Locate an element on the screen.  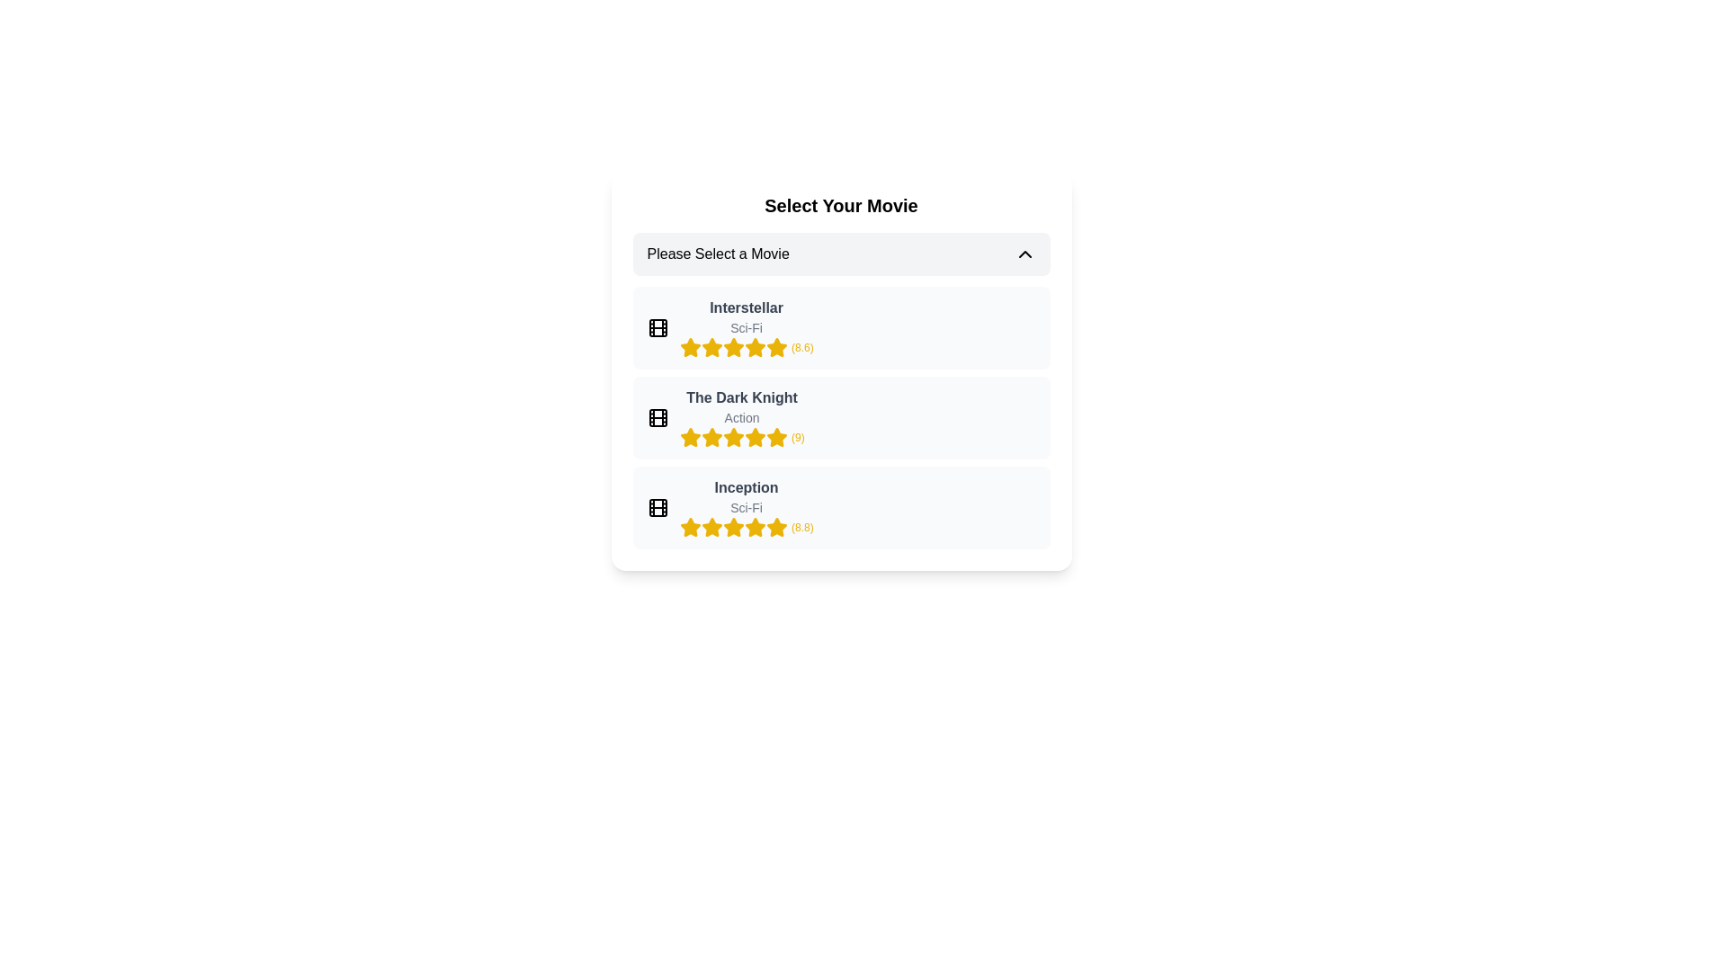
the static text label that prompts users to select a movie, positioned beneath the 'Select Your Movie' header and aligned to the left at the same height as a chevron icon is located at coordinates (717, 254).